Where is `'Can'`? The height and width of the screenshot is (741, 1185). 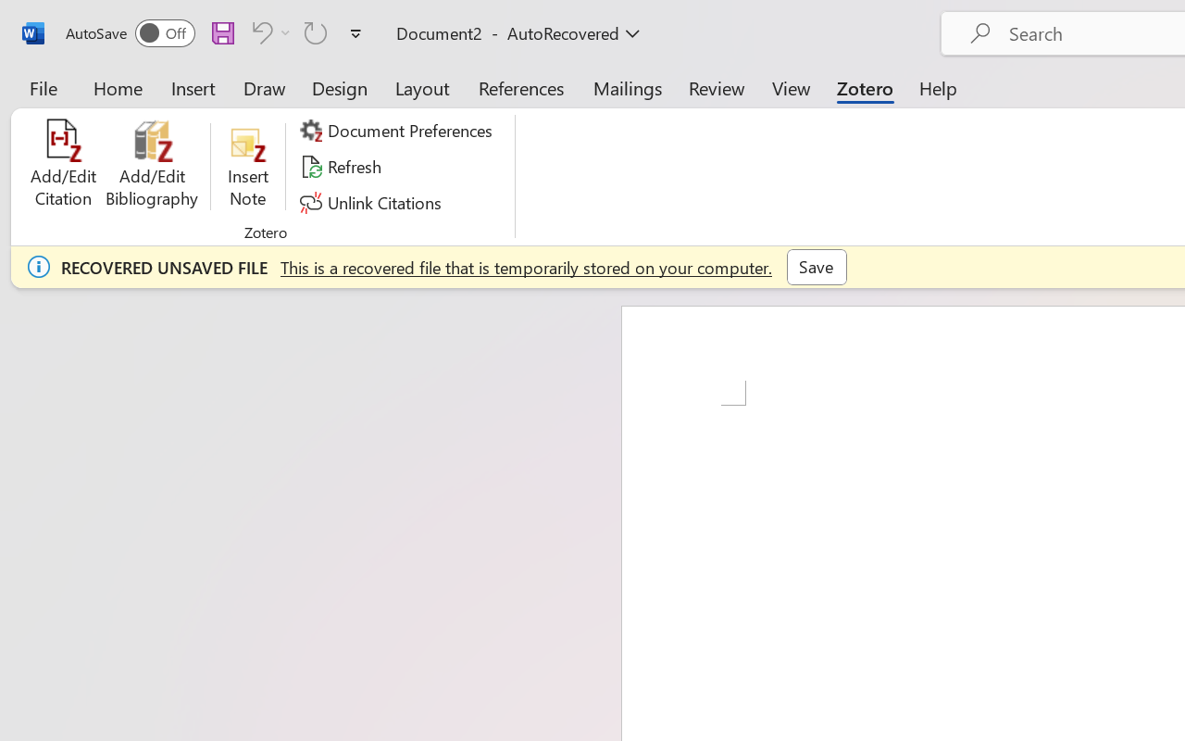
'Can' is located at coordinates (258, 31).